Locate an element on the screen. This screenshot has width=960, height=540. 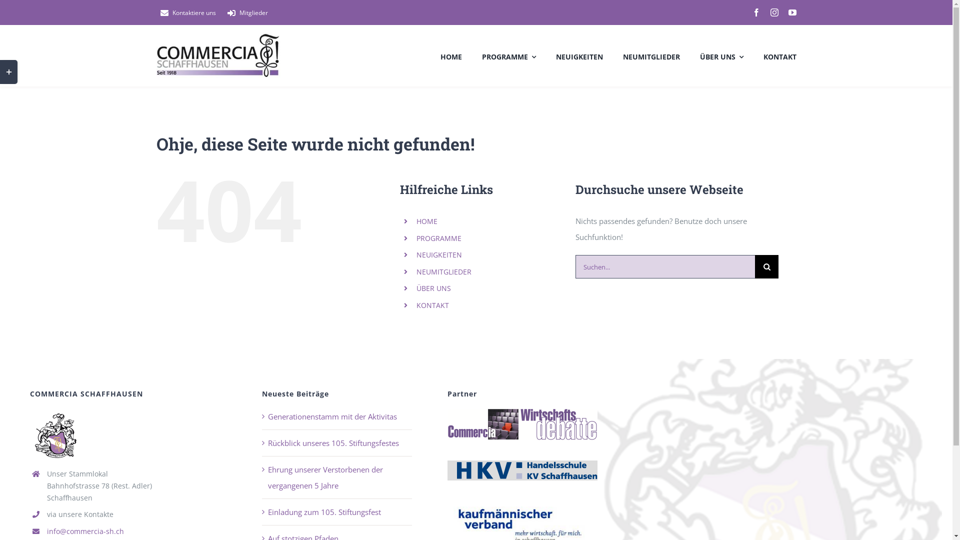
'KONTAKT' is located at coordinates (432, 304).